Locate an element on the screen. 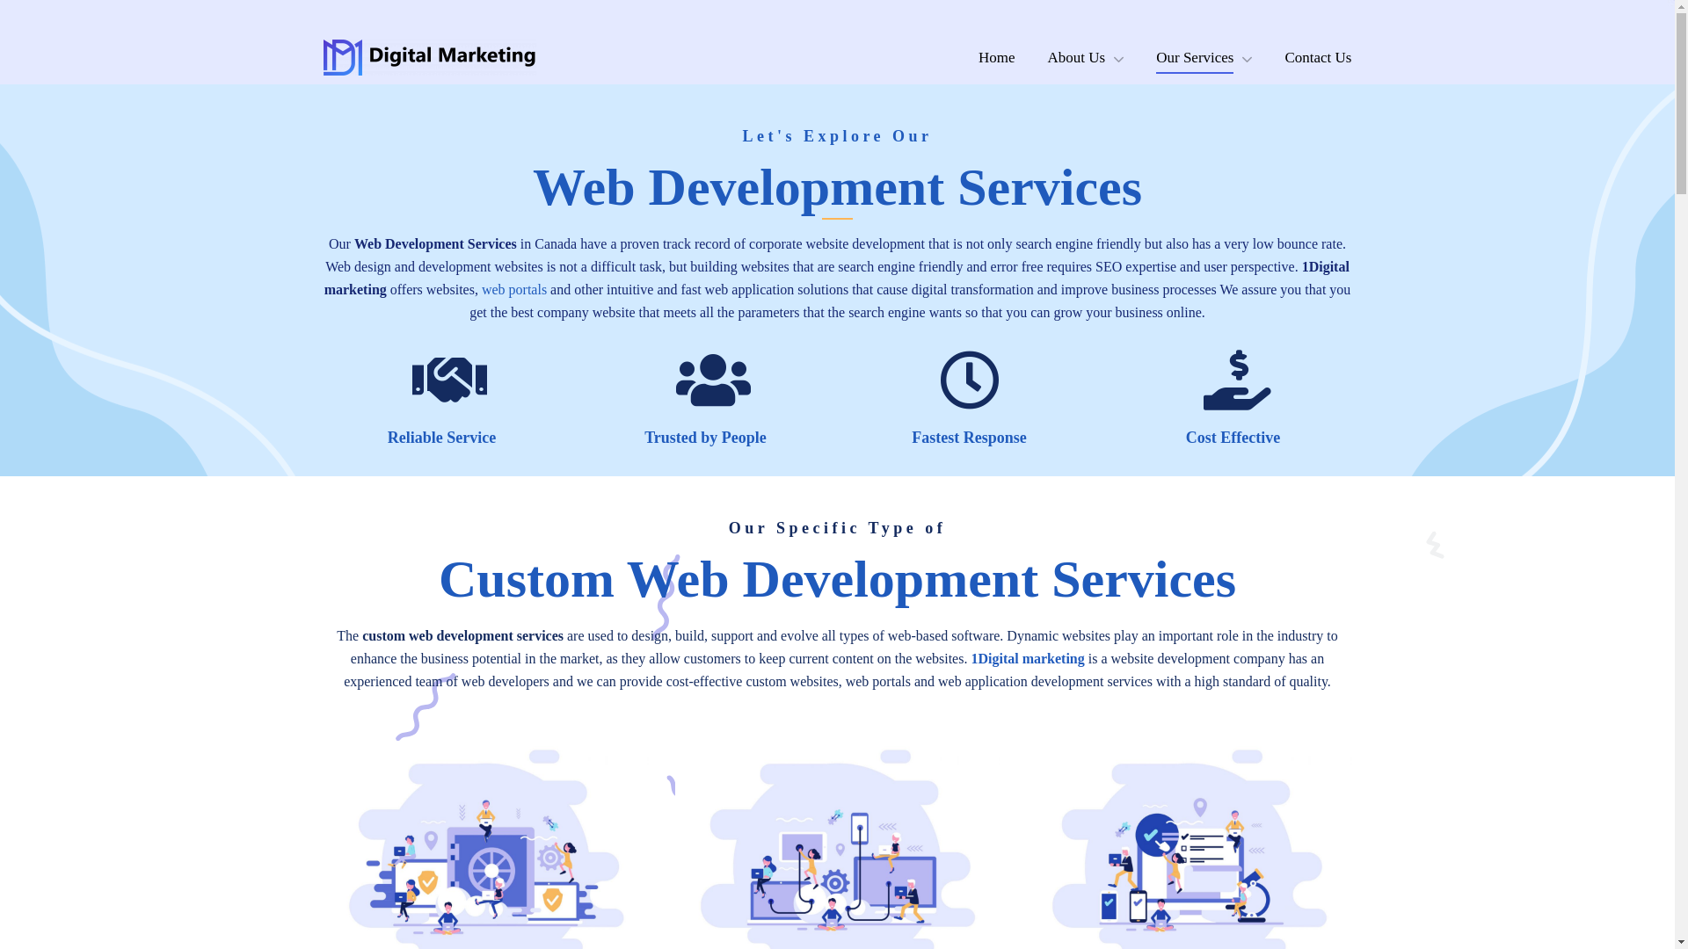 This screenshot has width=1688, height=949. 'Our Services' is located at coordinates (1156, 56).